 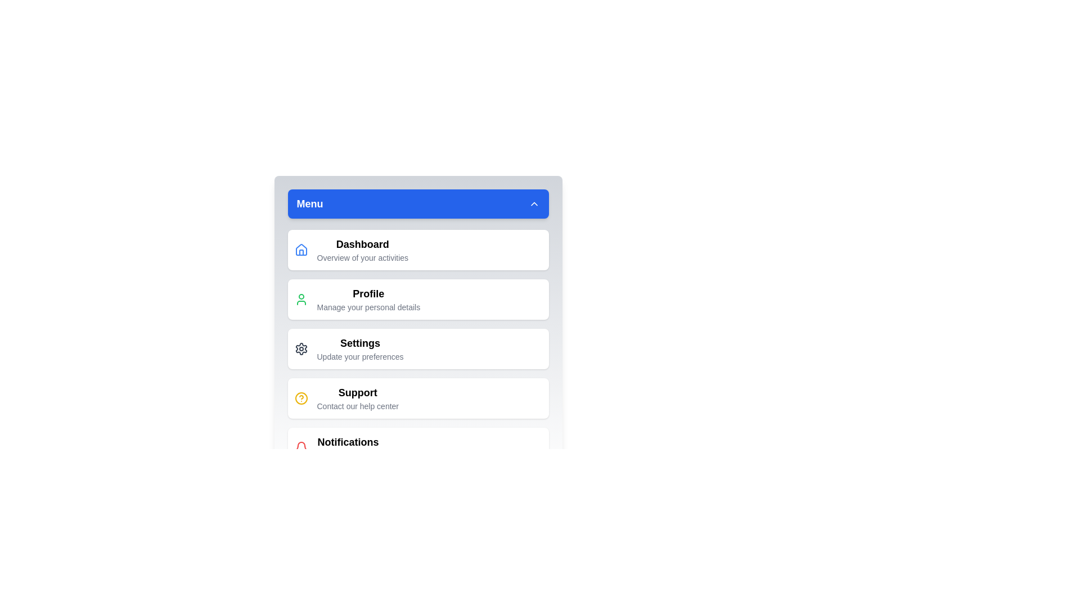 I want to click on the label displaying 'Manage your personal details,' which is styled in a smaller gray font and positioned below the 'Profile' title, to read its content, so click(x=368, y=307).